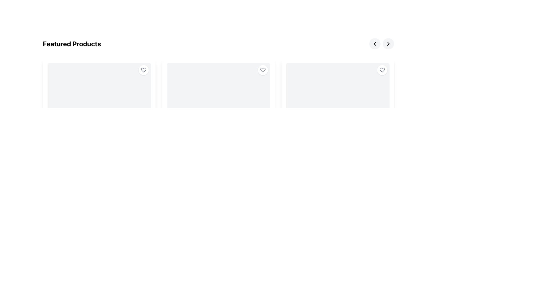 The height and width of the screenshot is (303, 540). Describe the element at coordinates (143, 70) in the screenshot. I see `the favorite button located at the top-right of the first item in the grid layout to observe the color transition effect` at that location.